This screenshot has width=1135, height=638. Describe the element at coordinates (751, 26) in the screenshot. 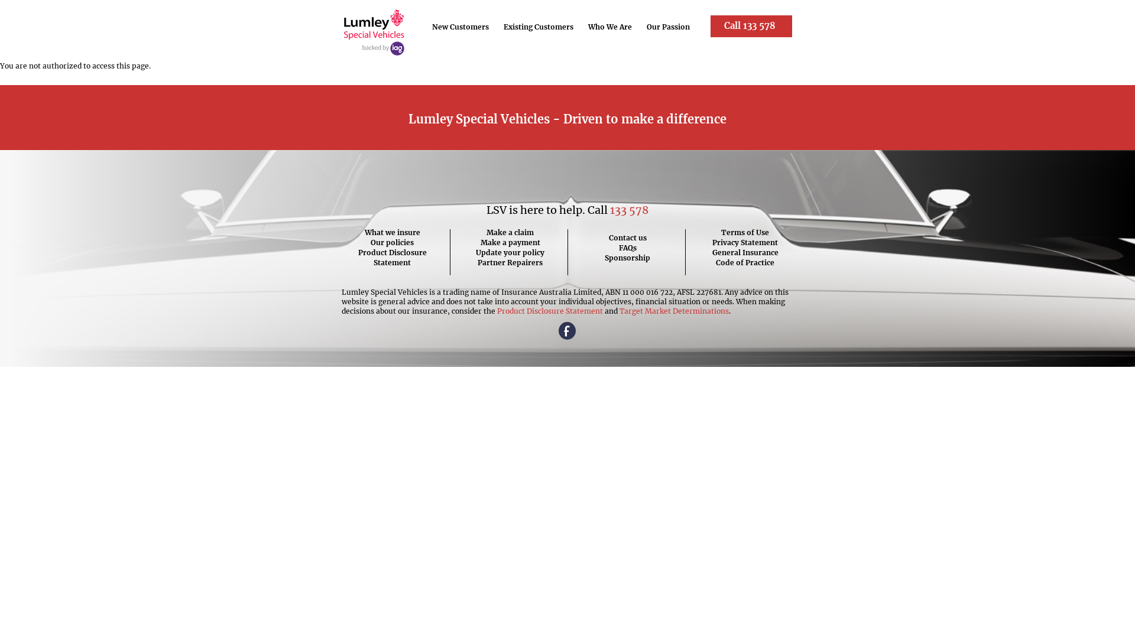

I see `'Call 133 578'` at that location.